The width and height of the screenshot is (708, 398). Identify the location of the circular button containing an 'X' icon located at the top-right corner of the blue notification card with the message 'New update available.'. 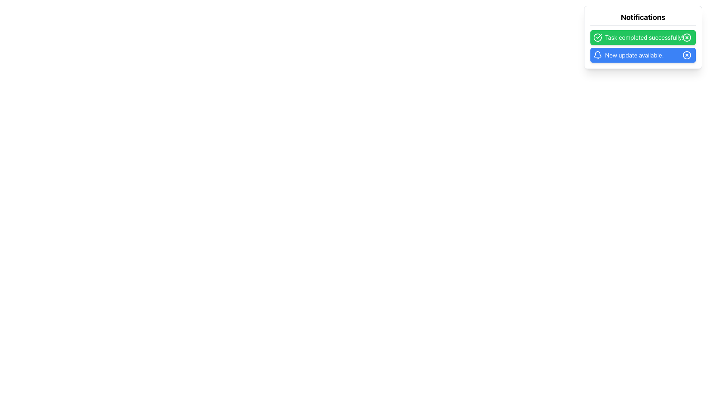
(686, 55).